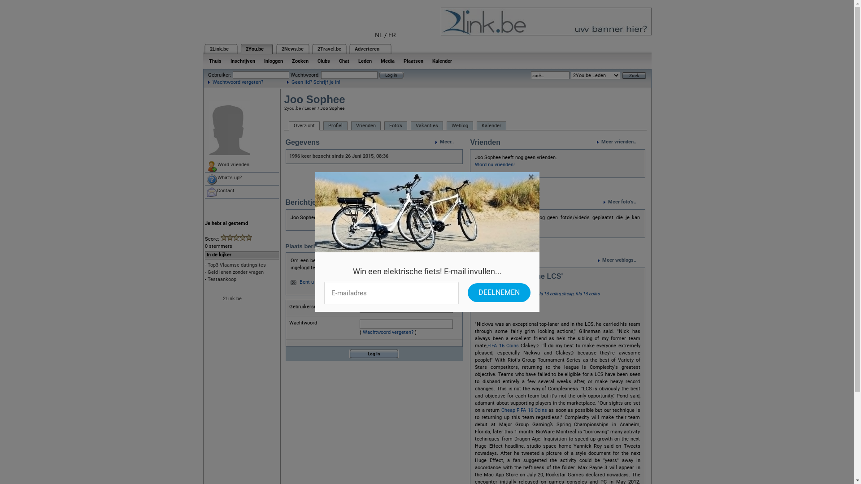 This screenshot has width=861, height=484. I want to click on 'Top3 Vlaamse datingsites', so click(206, 264).